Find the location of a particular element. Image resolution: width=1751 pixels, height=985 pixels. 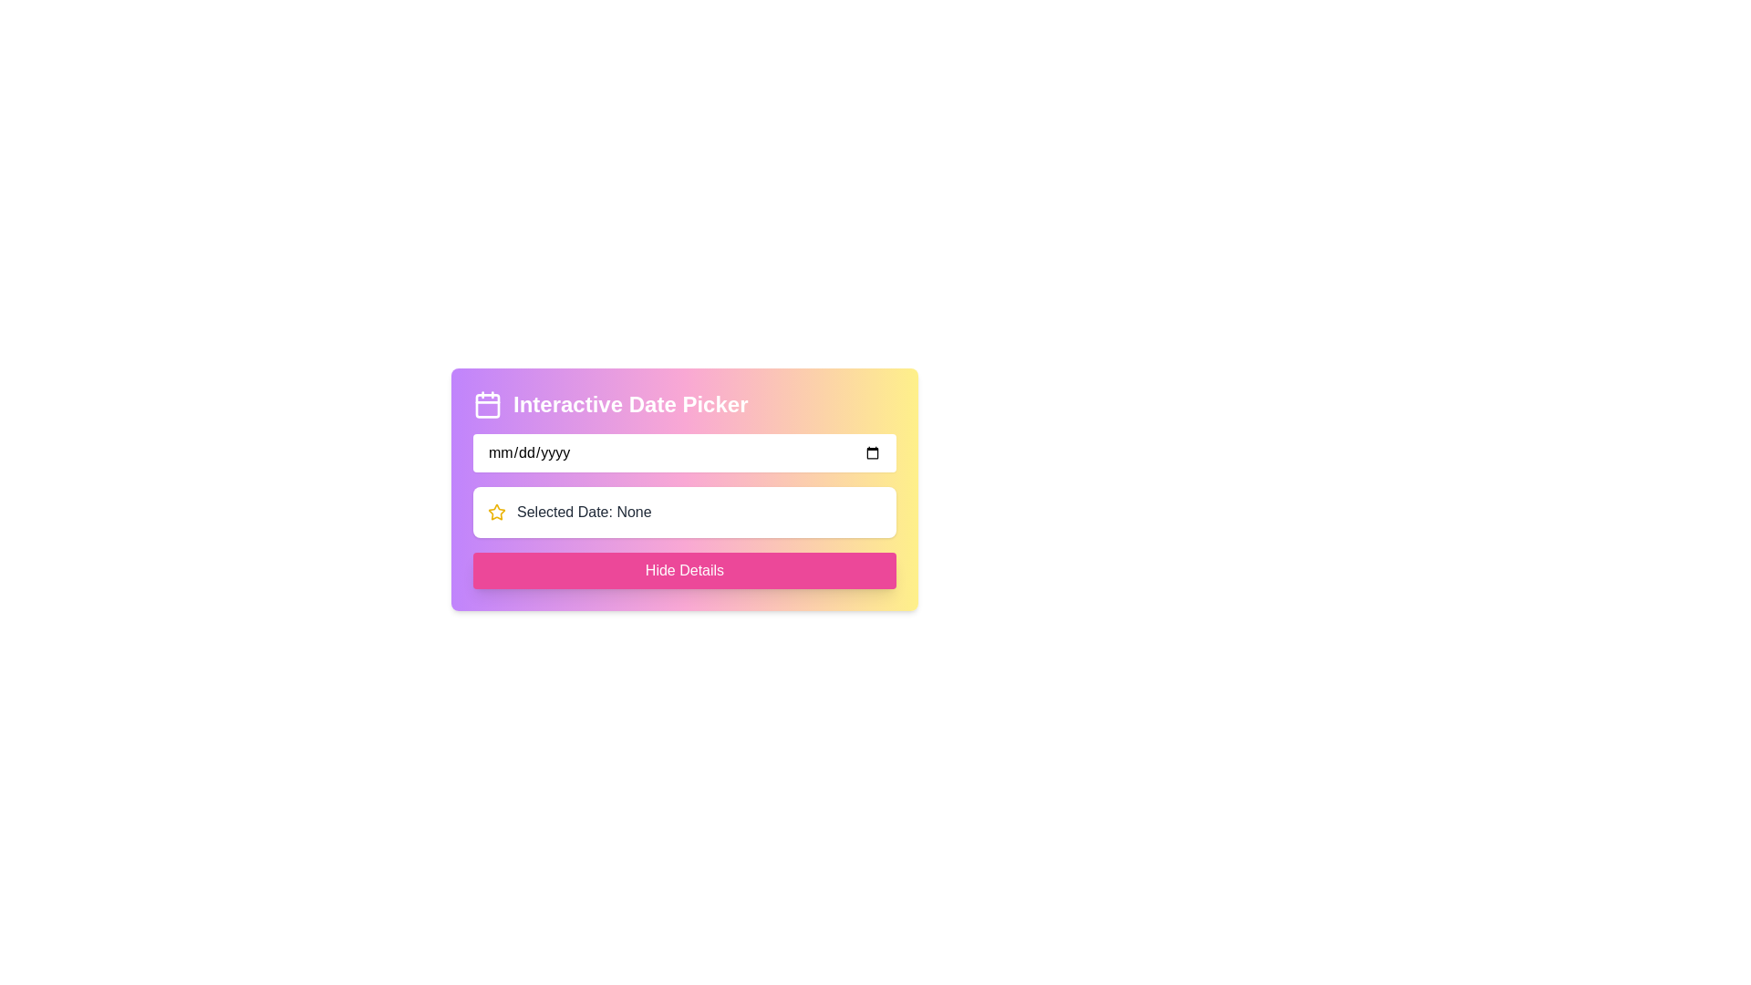

a date from the calendar menu by clicking on the date input field styled with rounded corners and placeholder text 'mm/dd/yyyy', located below the header 'Interactive Date Picker' is located at coordinates (683, 452).